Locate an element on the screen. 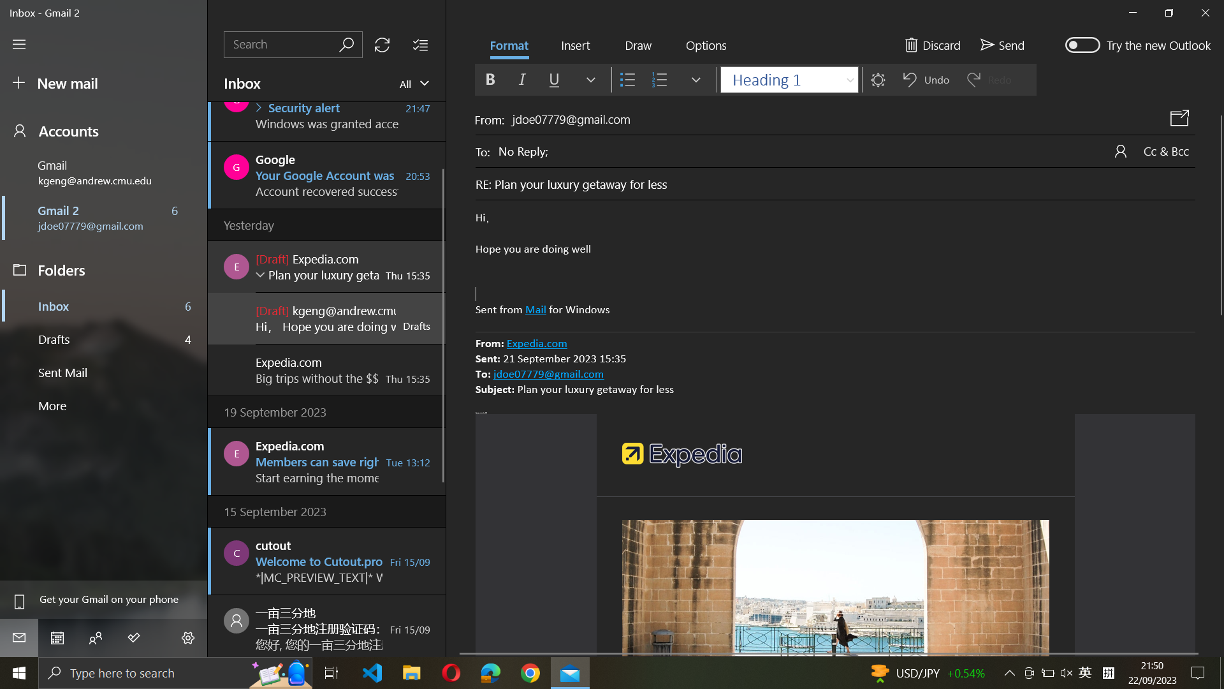 The height and width of the screenshot is (689, 1224). a fresh email composition window is located at coordinates (102, 84).